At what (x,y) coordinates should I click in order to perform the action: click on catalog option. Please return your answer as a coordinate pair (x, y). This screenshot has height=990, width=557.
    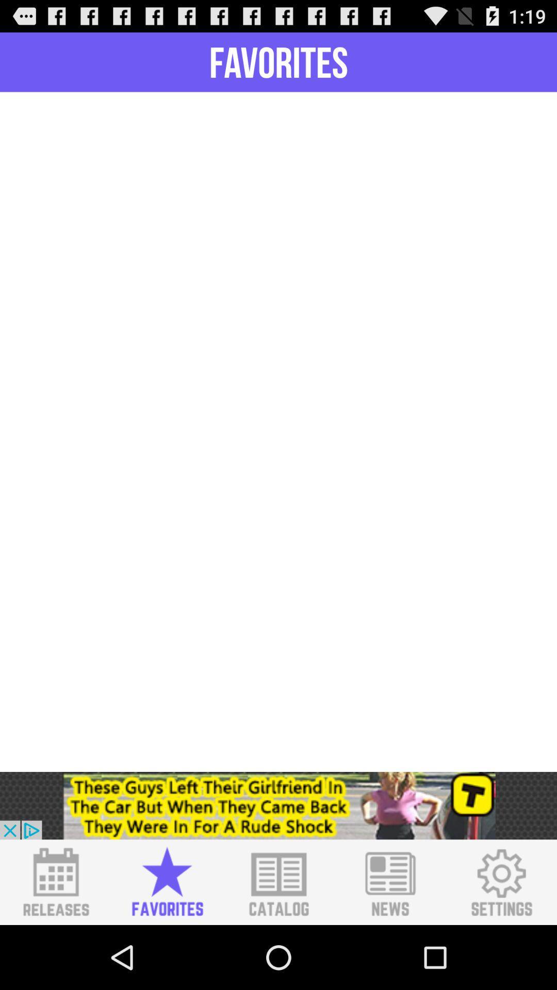
    Looking at the image, I should click on (278, 882).